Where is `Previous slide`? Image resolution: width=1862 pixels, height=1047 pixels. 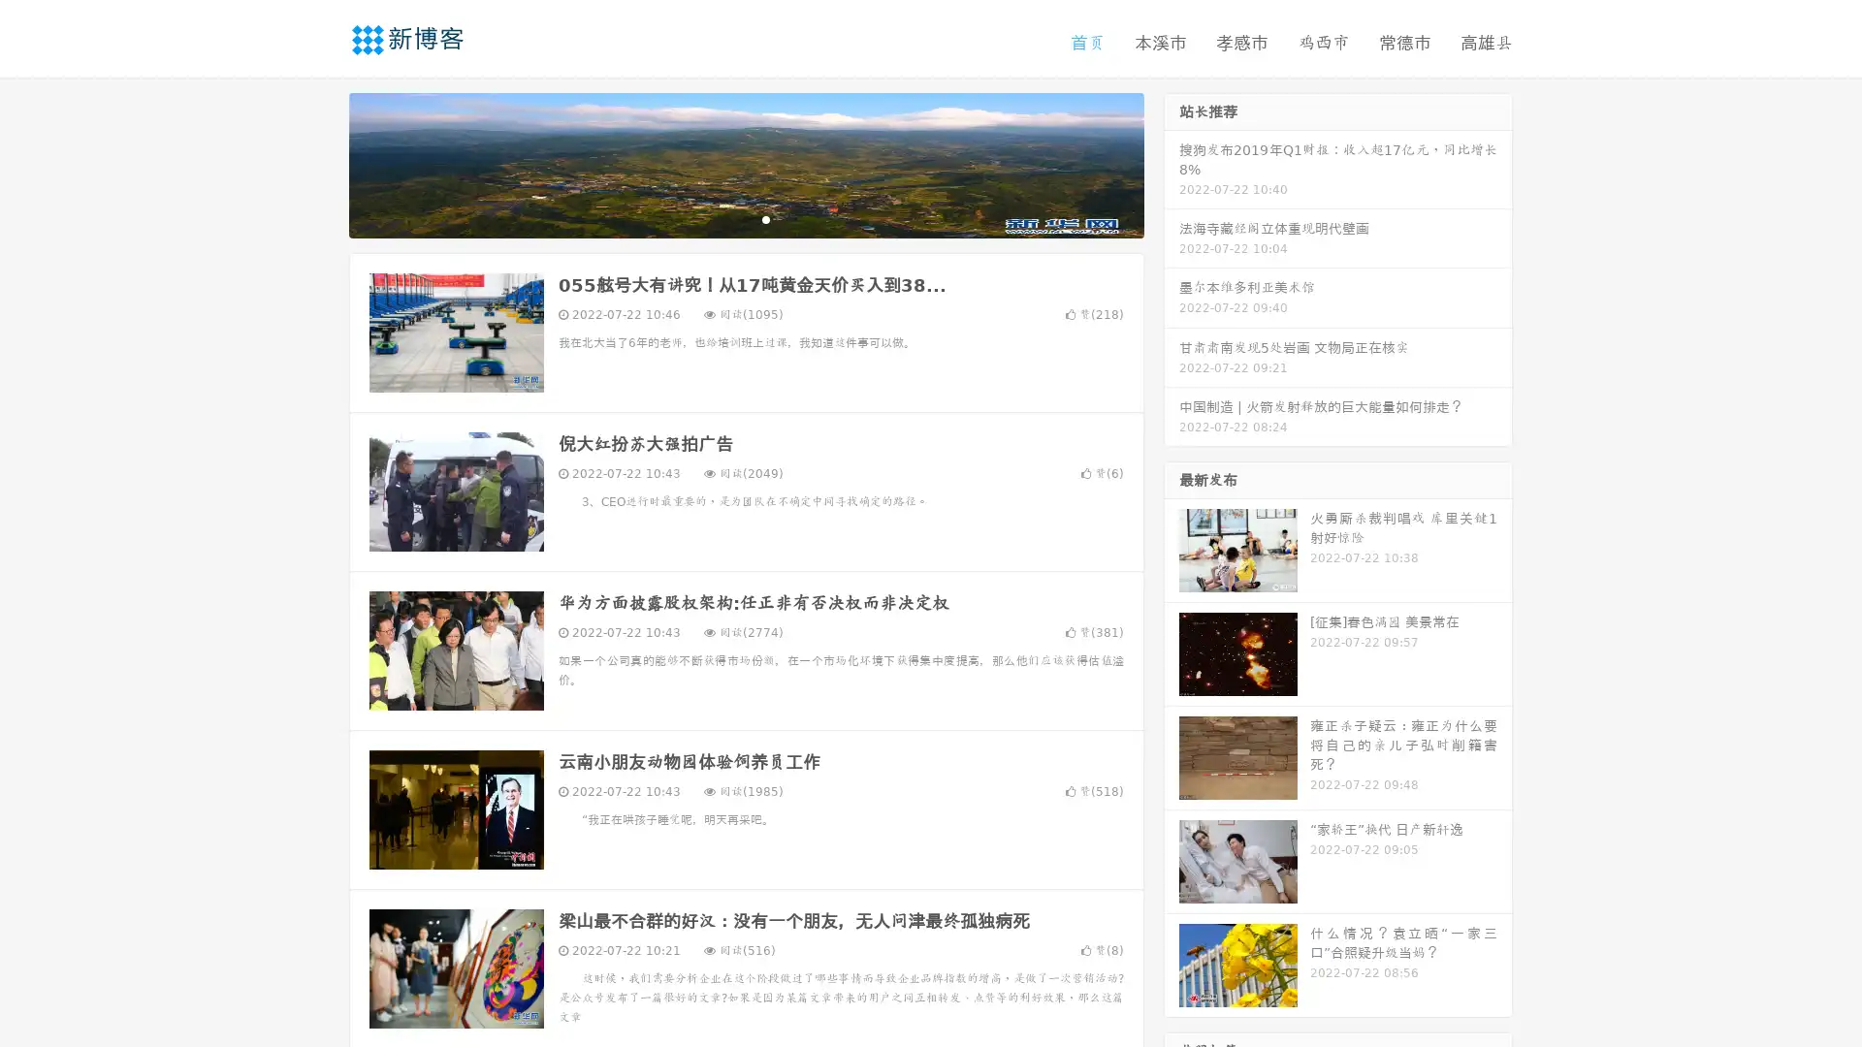
Previous slide is located at coordinates (320, 163).